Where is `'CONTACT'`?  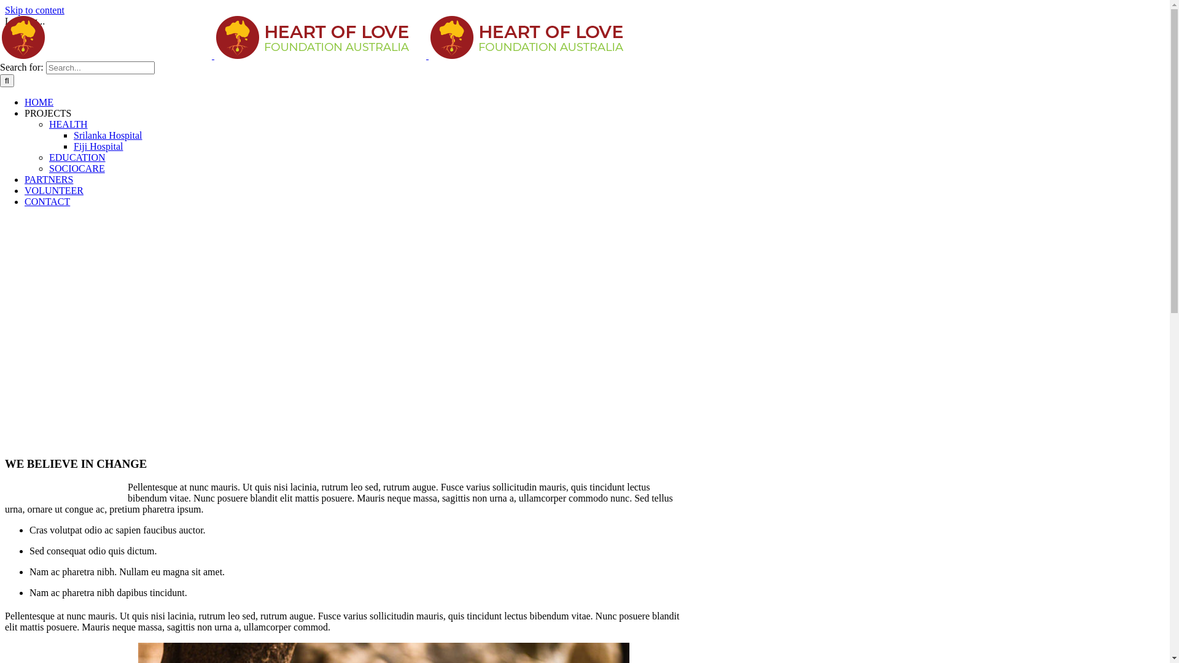 'CONTACT' is located at coordinates (47, 201).